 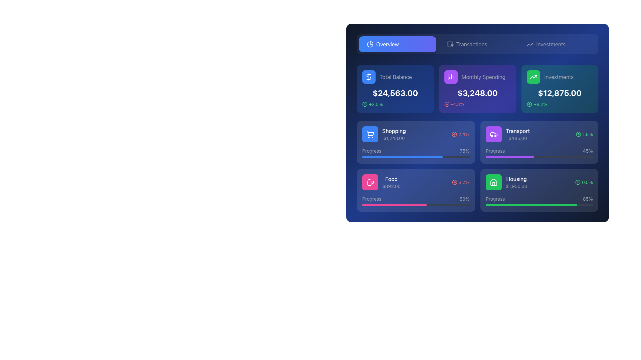 I want to click on the house icon, which is outlined with a triangular roof and rectangular base, located within a green circular background in the lower right section of the 'Housing' card, so click(x=493, y=182).